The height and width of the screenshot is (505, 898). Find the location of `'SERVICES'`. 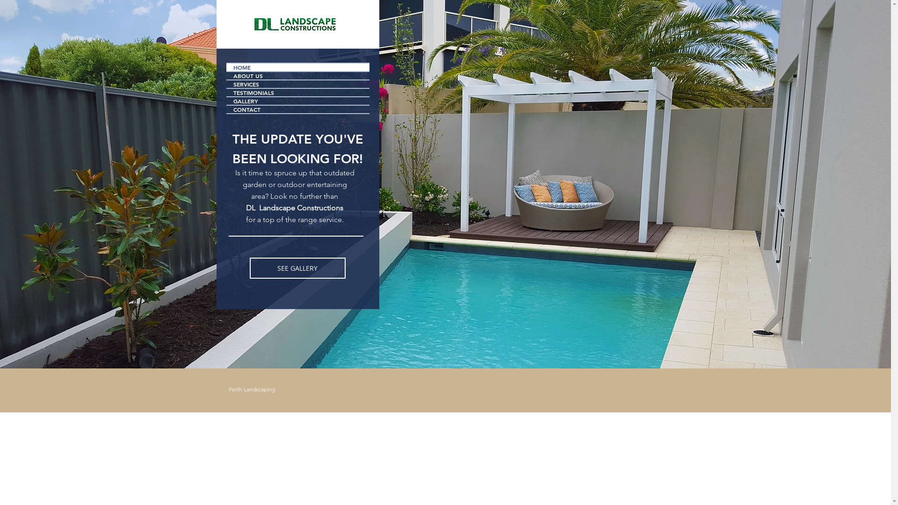

'SERVICES' is located at coordinates (297, 84).